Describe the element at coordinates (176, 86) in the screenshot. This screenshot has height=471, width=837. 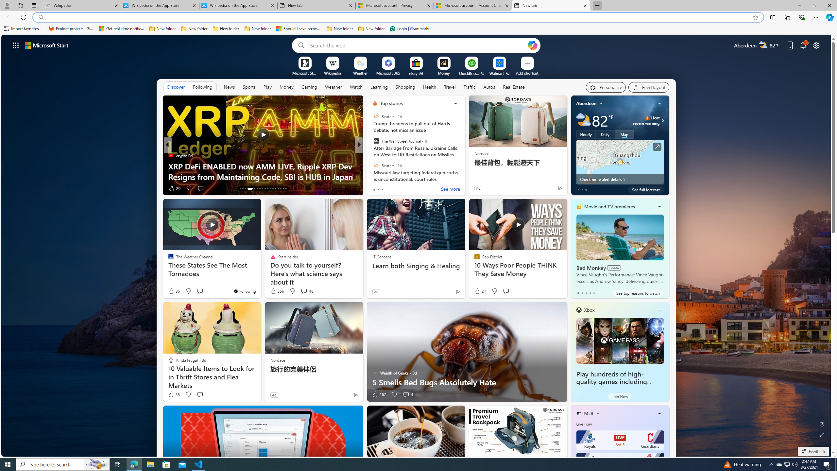
I see `'Discover'` at that location.